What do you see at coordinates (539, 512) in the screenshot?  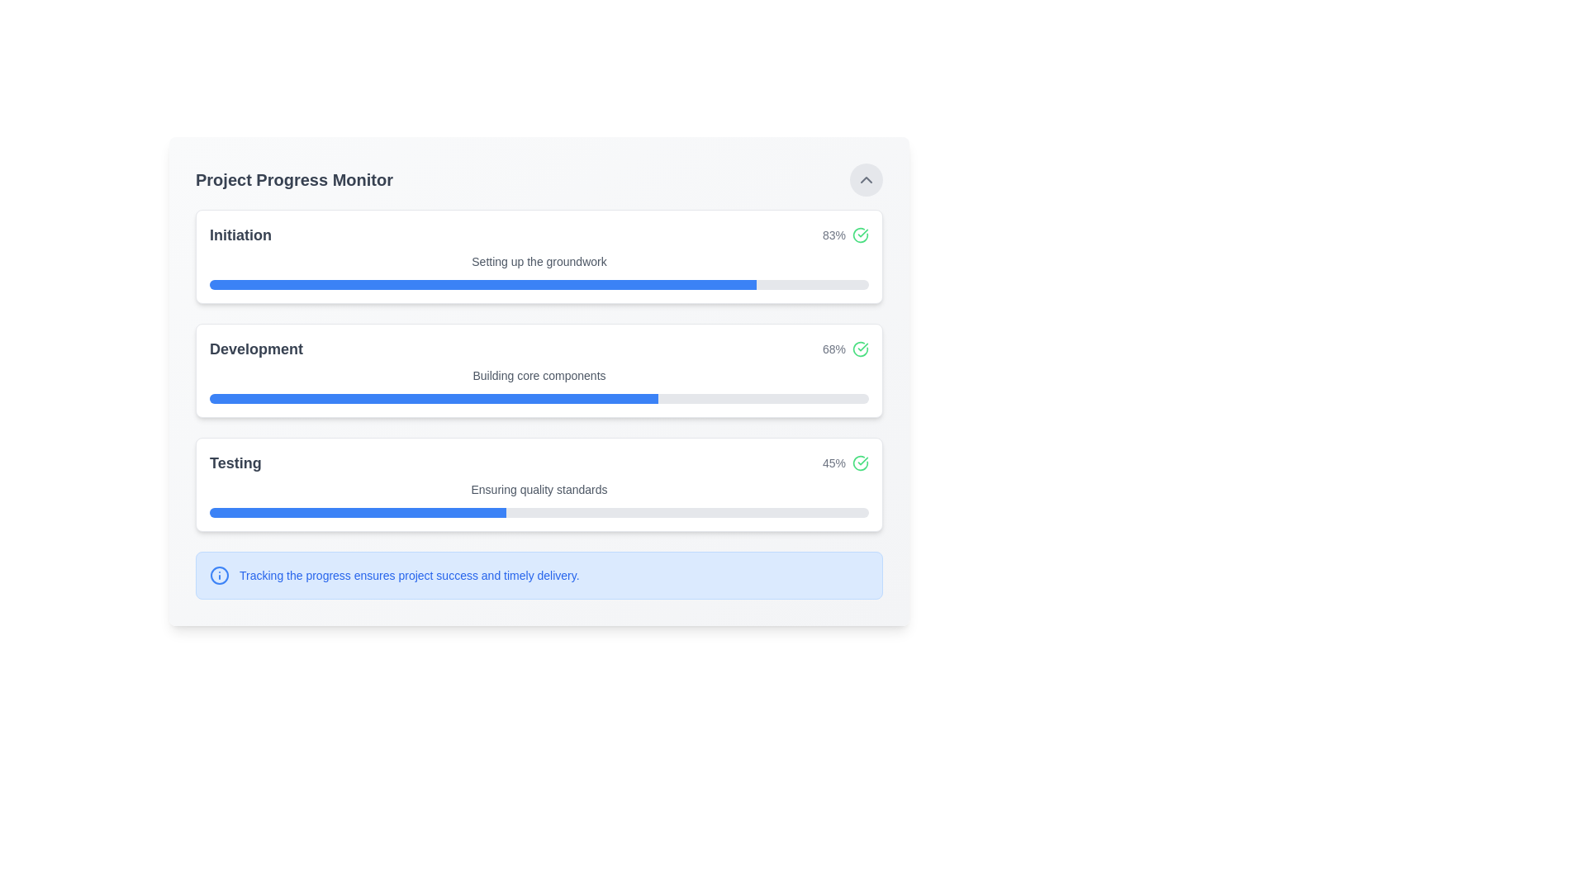 I see `the Progress Bar located in the 'Testing' section, beneath the text 'Ensuring quality standards', which visually has a gray background and a blue segment indicating 45% progress` at bounding box center [539, 512].